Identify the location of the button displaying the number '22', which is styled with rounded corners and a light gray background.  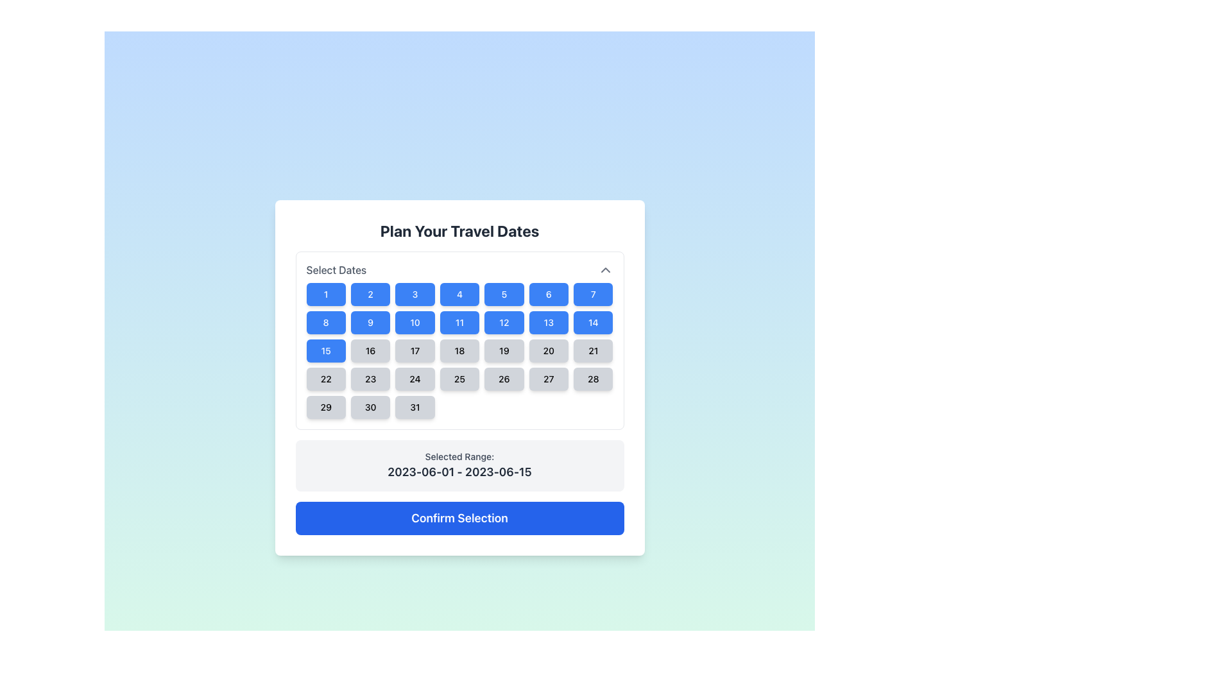
(326, 378).